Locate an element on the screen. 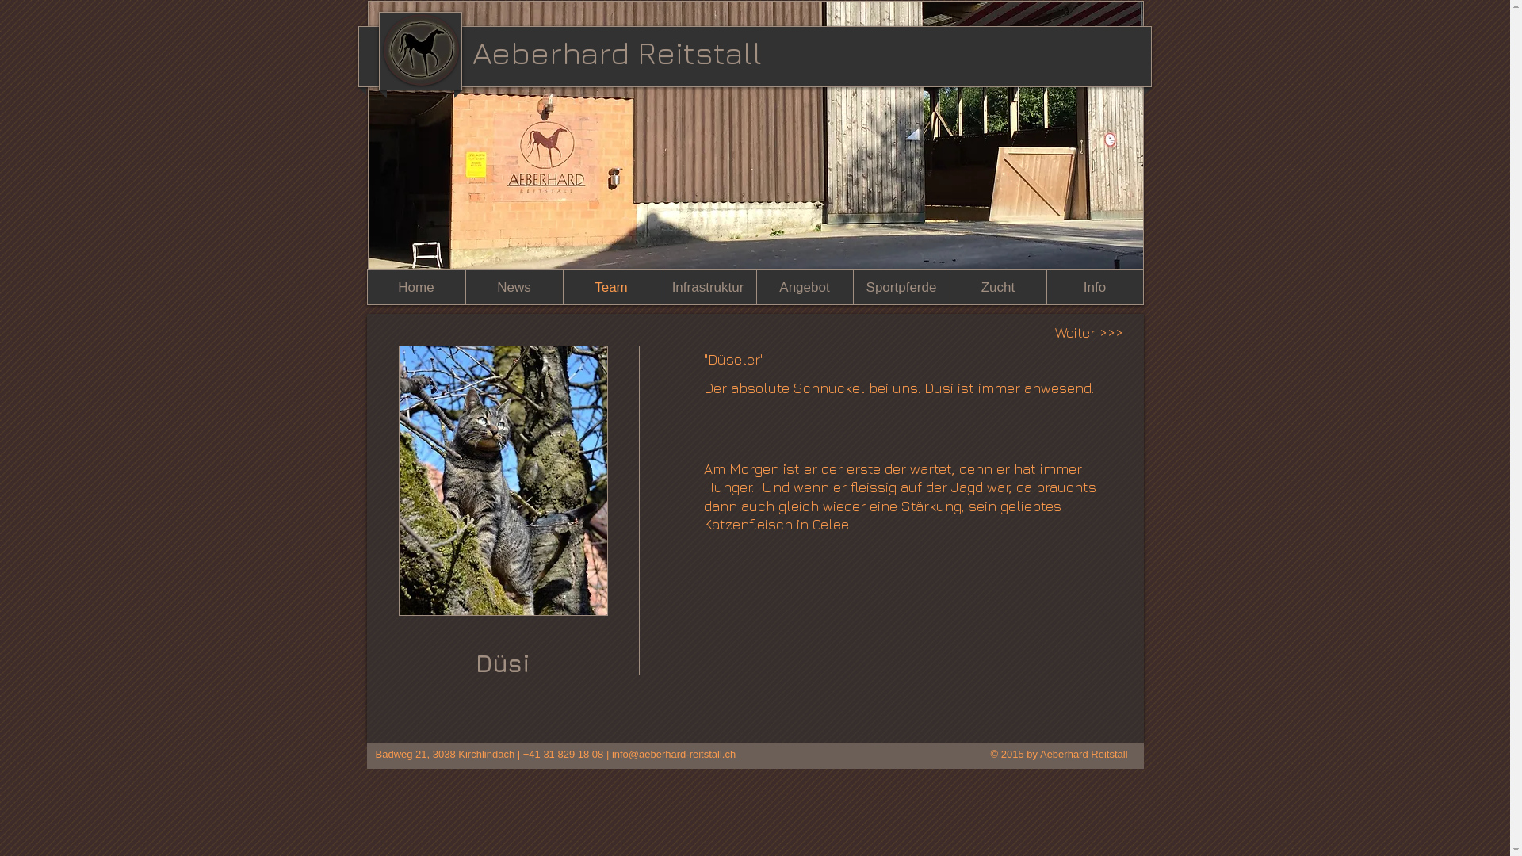  'Info' is located at coordinates (1094, 287).